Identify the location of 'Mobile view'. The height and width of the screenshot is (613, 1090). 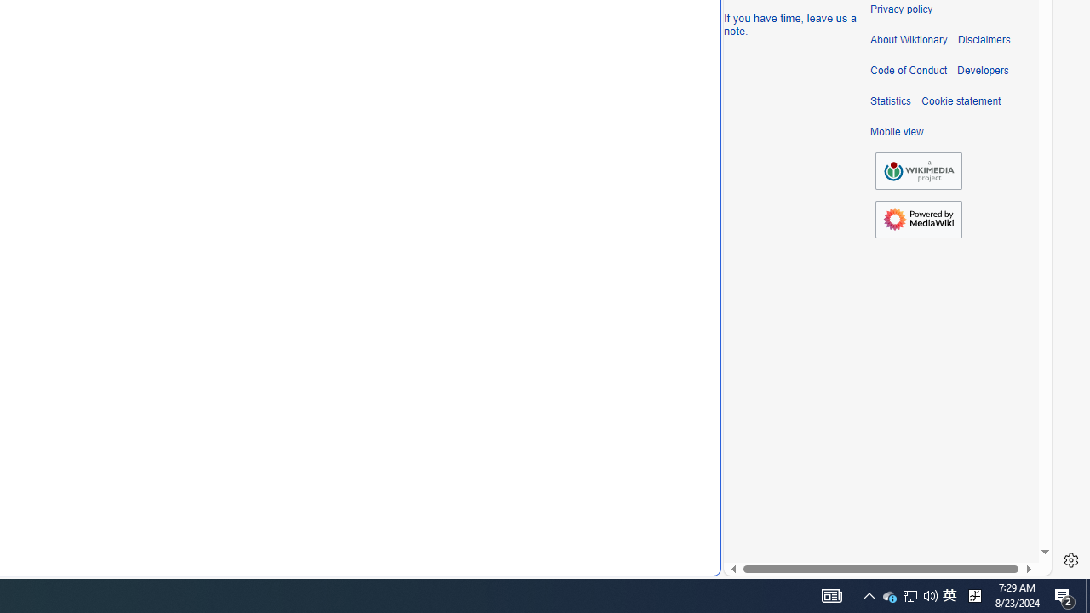
(896, 131).